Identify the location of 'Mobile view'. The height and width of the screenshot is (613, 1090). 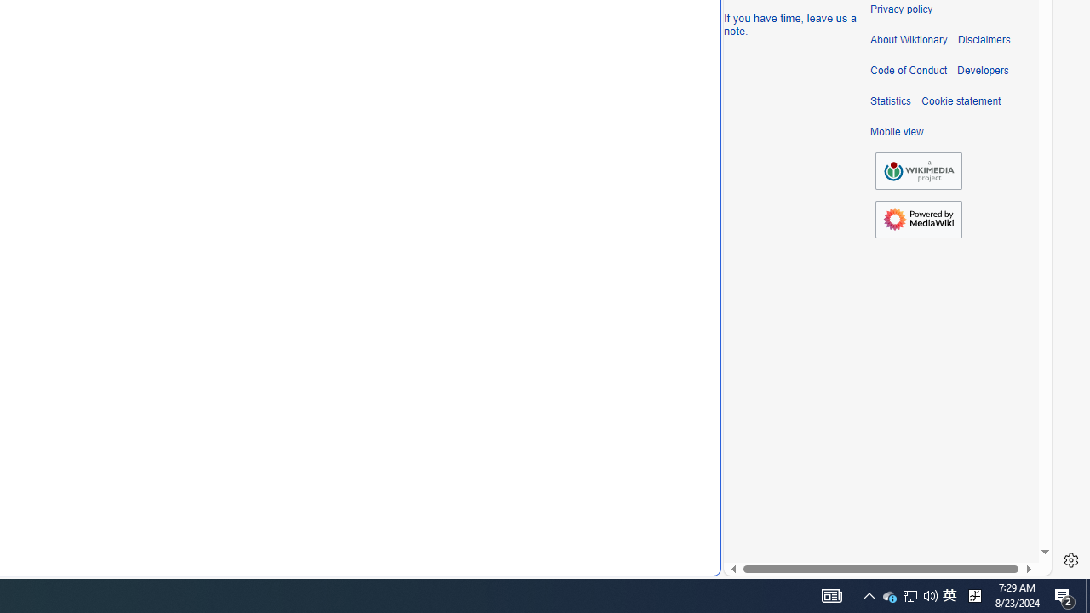
(896, 131).